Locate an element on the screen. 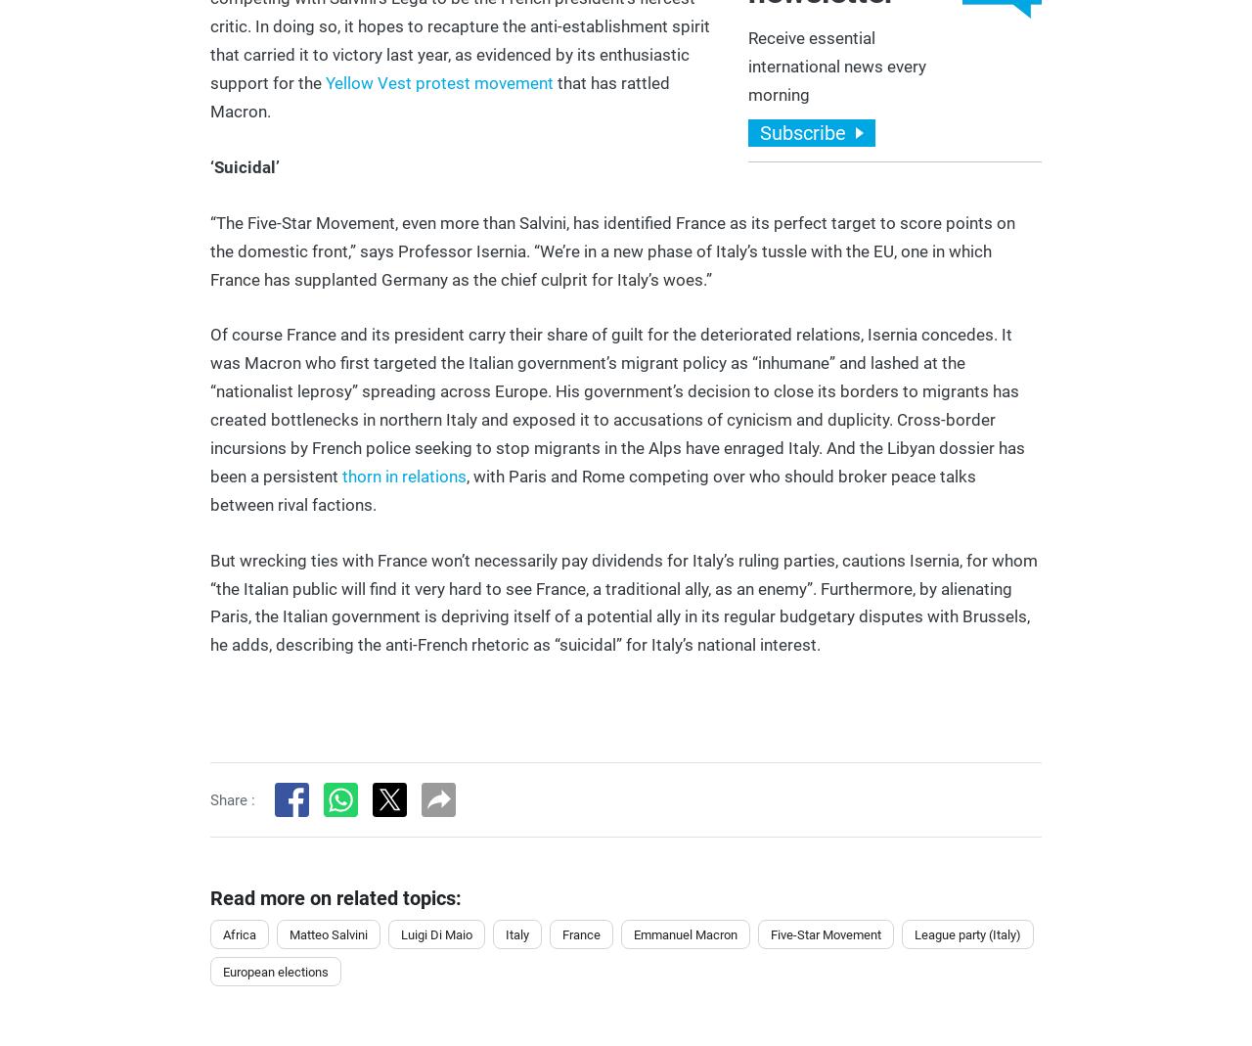 The image size is (1252, 1046). 'Matteo Salvini' is located at coordinates (329, 932).